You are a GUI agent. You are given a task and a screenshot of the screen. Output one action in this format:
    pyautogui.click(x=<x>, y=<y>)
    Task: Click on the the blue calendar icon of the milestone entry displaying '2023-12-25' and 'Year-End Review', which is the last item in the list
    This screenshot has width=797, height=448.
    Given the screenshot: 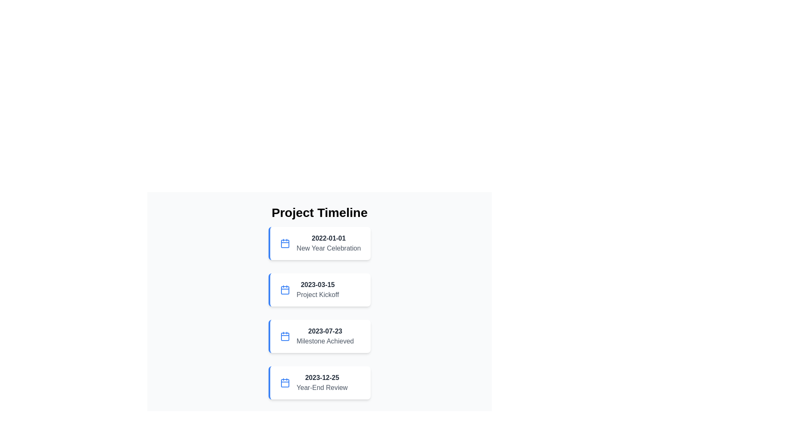 What is the action you would take?
    pyautogui.click(x=320, y=382)
    